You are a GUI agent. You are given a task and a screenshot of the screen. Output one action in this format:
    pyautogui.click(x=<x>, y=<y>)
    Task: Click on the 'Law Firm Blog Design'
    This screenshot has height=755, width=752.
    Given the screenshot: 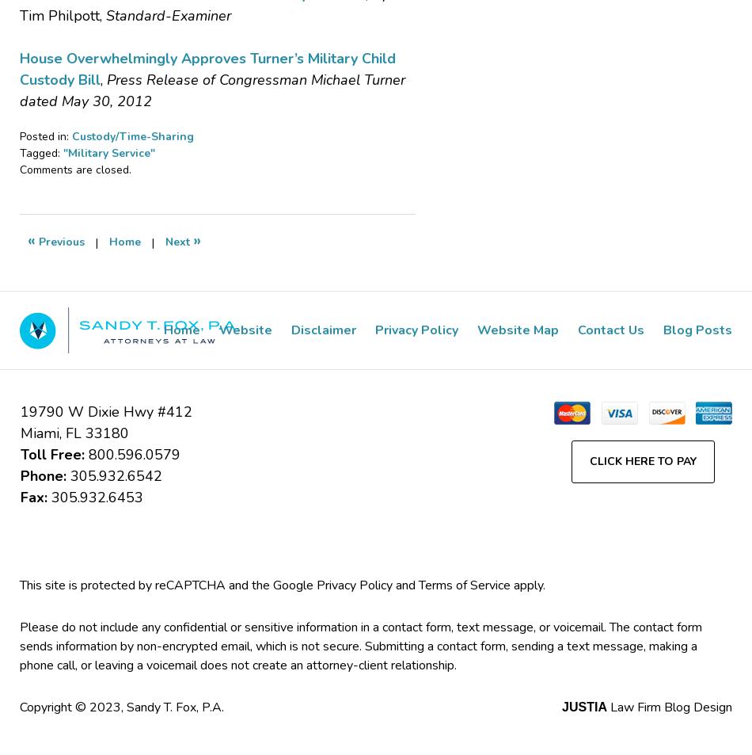 What is the action you would take?
    pyautogui.click(x=606, y=707)
    